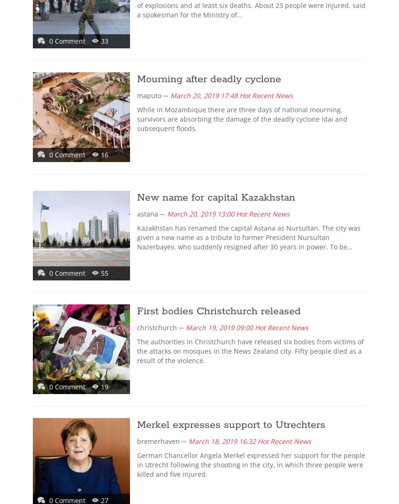 This screenshot has width=399, height=504. Describe the element at coordinates (149, 95) in the screenshot. I see `'maputo'` at that location.